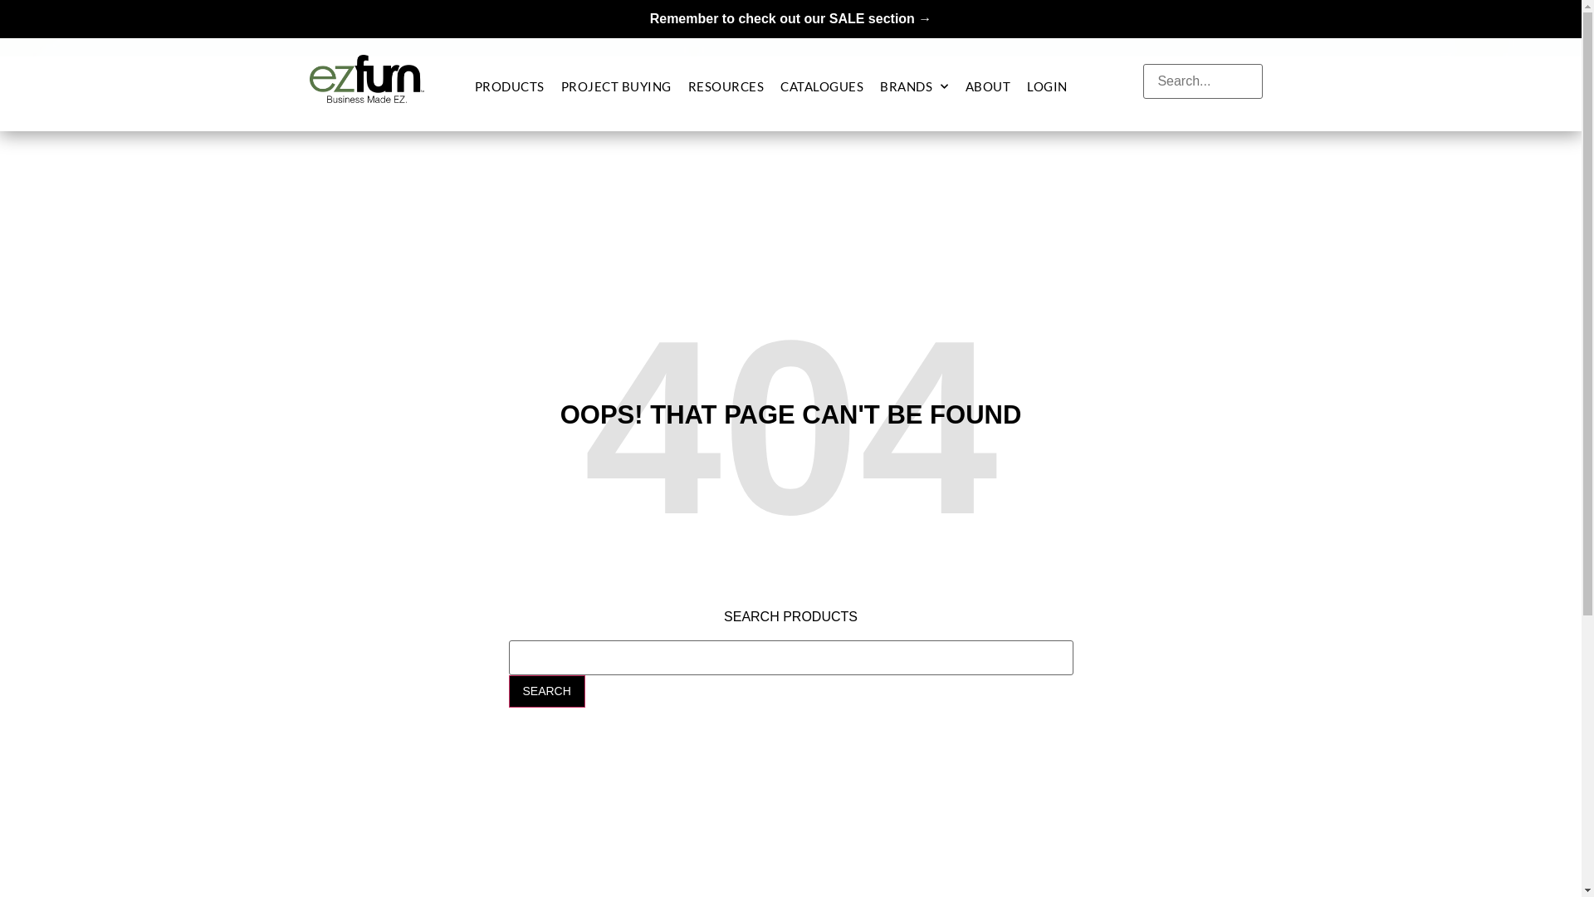  Describe the element at coordinates (1026, 86) in the screenshot. I see `'LOGIN'` at that location.